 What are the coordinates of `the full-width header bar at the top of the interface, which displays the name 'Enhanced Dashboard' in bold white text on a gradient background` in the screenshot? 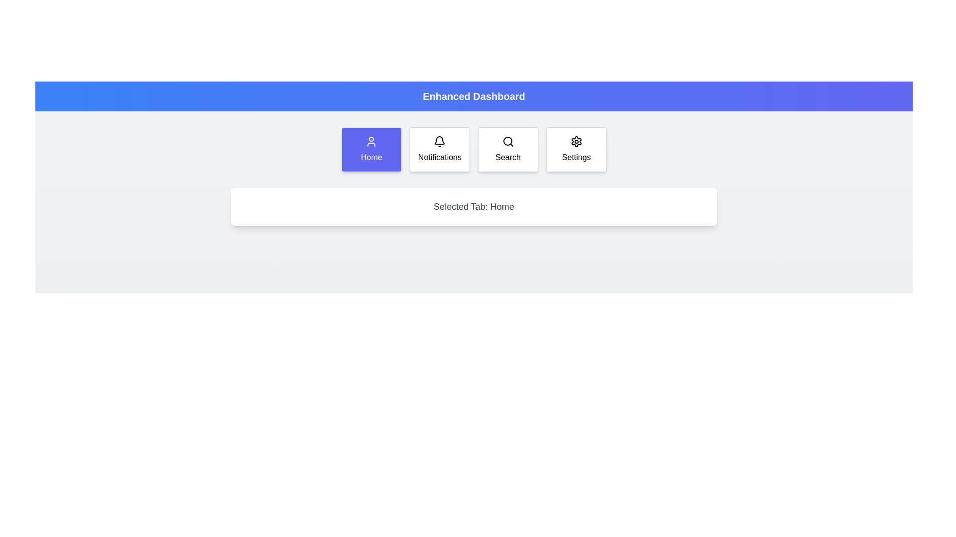 It's located at (473, 96).